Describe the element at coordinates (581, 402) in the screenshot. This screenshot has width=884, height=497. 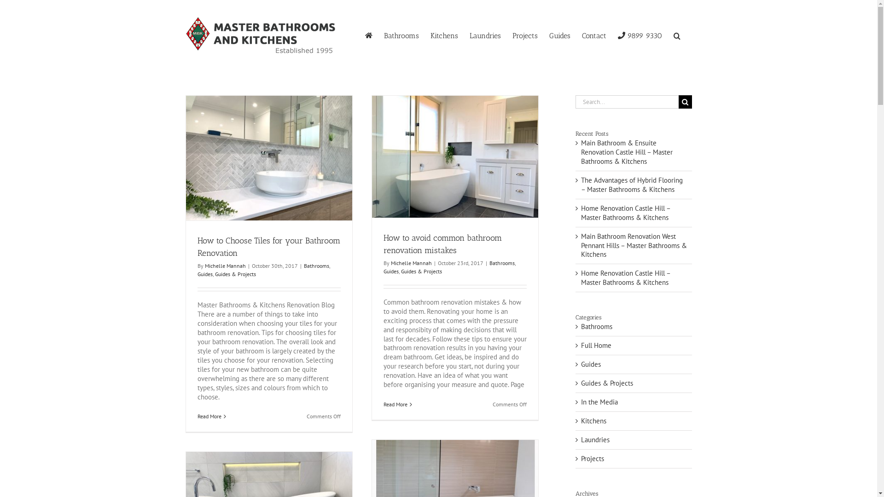
I see `'In the Media'` at that location.